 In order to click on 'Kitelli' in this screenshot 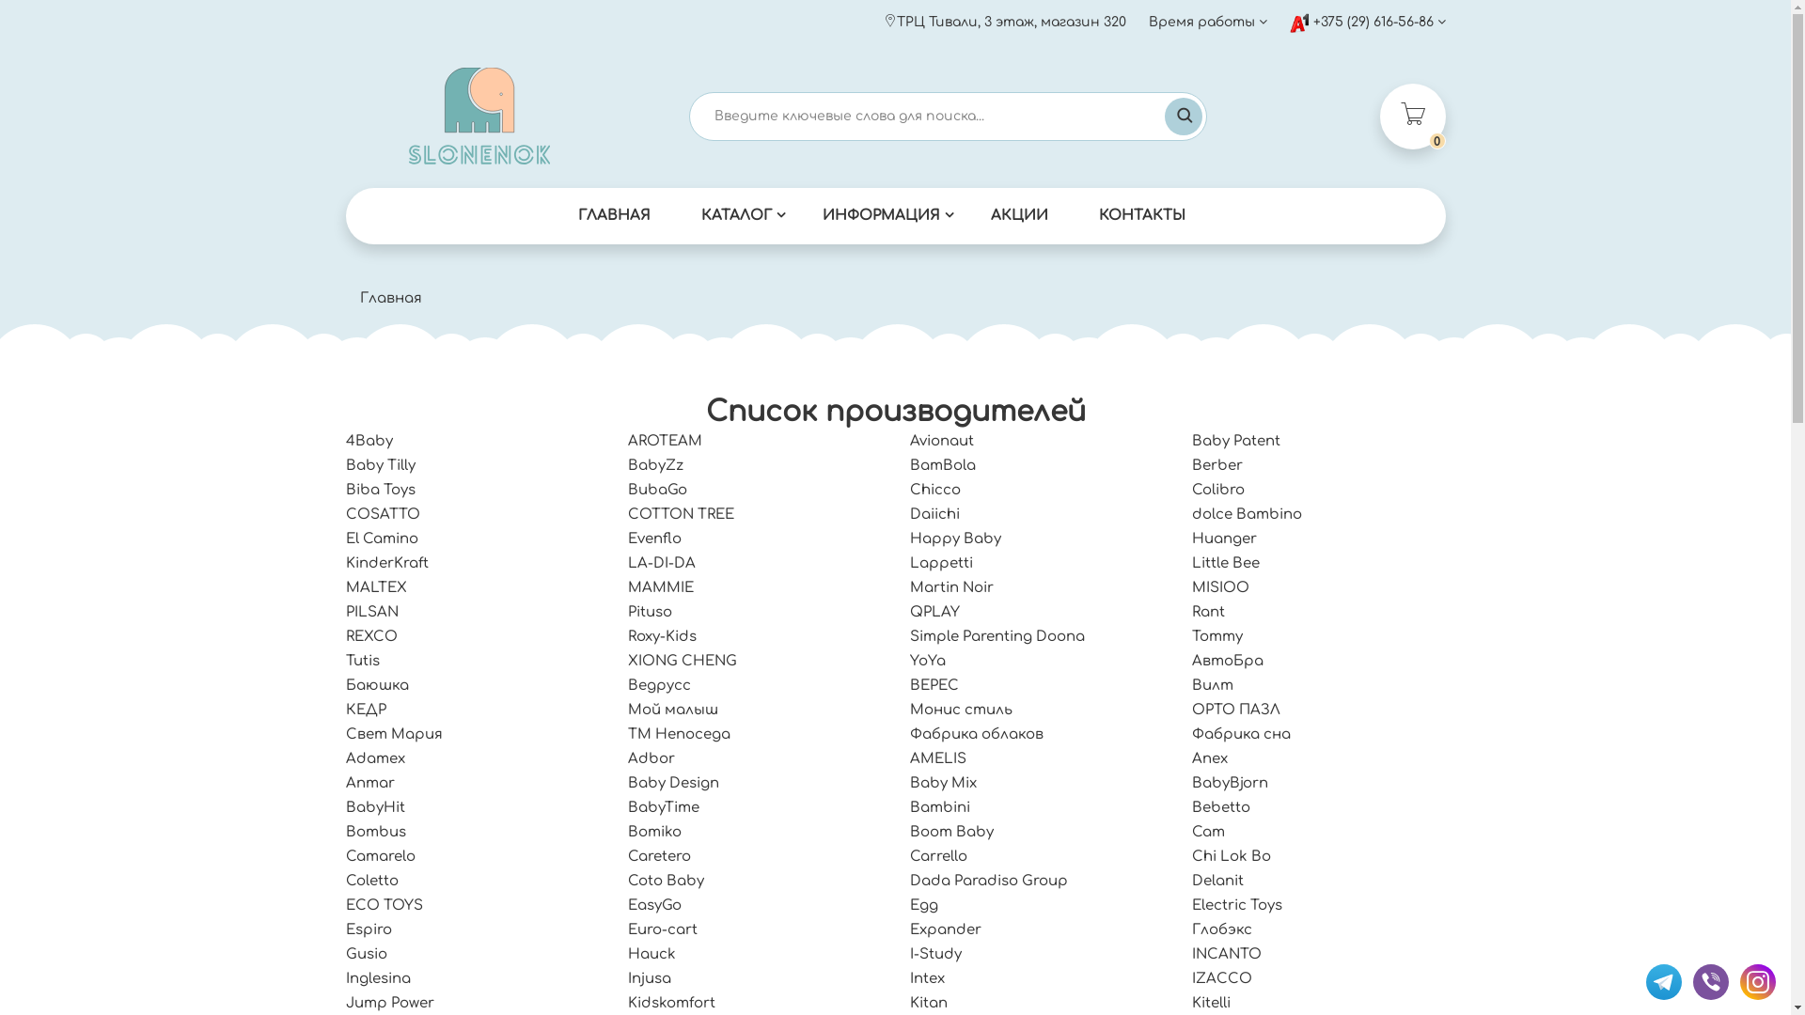, I will do `click(1211, 1002)`.